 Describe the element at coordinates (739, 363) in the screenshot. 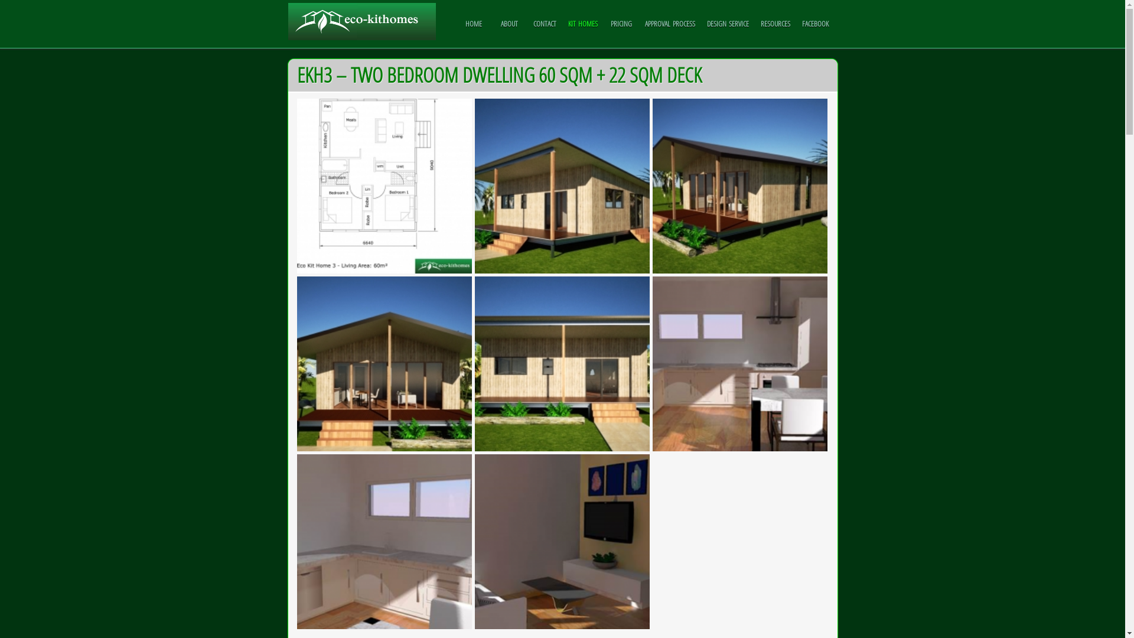

I see `'5'` at that location.